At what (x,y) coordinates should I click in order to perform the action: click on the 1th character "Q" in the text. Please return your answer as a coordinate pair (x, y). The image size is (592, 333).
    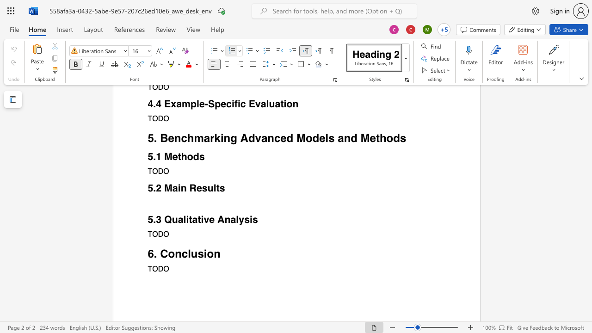
    Looking at the image, I should click on (168, 220).